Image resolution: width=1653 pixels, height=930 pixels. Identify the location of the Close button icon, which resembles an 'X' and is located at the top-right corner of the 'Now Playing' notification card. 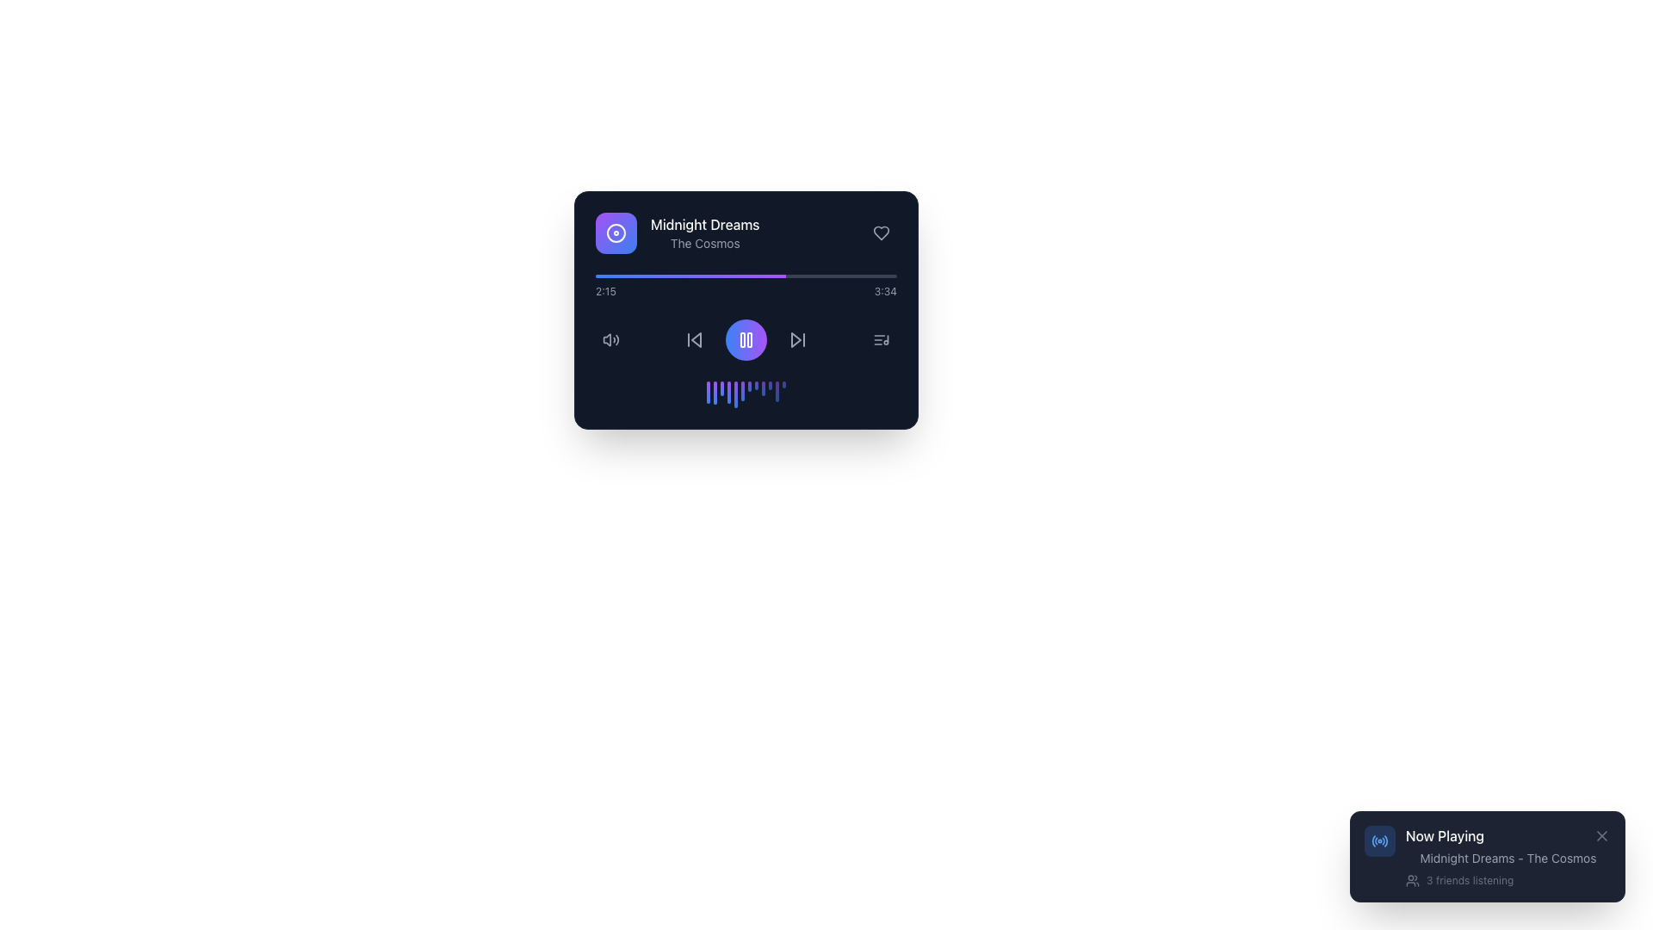
(1601, 835).